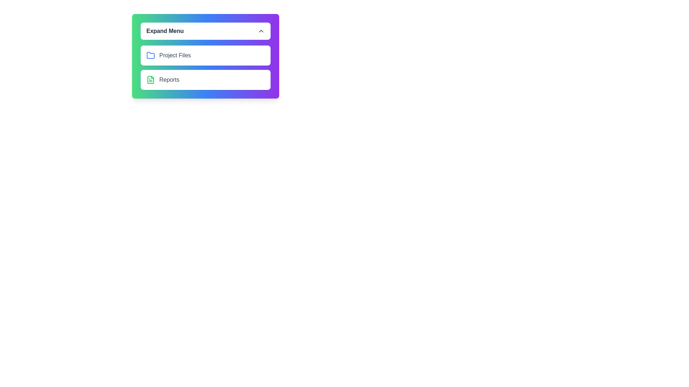  Describe the element at coordinates (150, 80) in the screenshot. I see `the green-colored document icon located next to the 'Reports' text label in the second menu option` at that location.